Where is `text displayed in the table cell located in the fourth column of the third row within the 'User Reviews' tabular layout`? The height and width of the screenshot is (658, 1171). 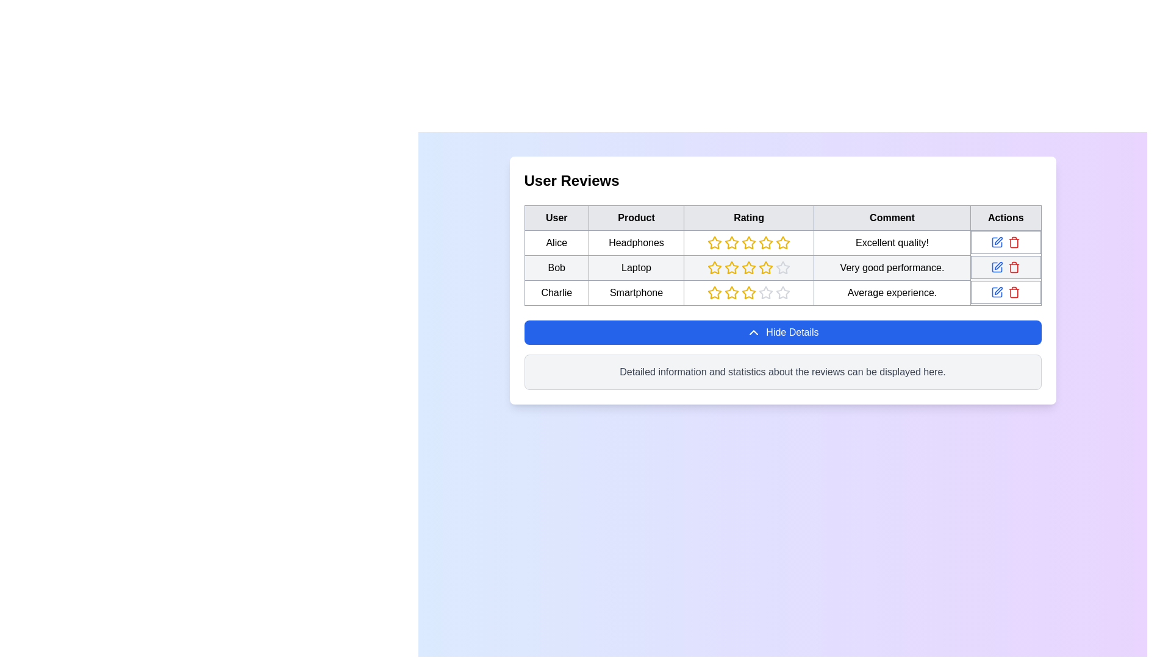 text displayed in the table cell located in the fourth column of the third row within the 'User Reviews' tabular layout is located at coordinates (892, 293).